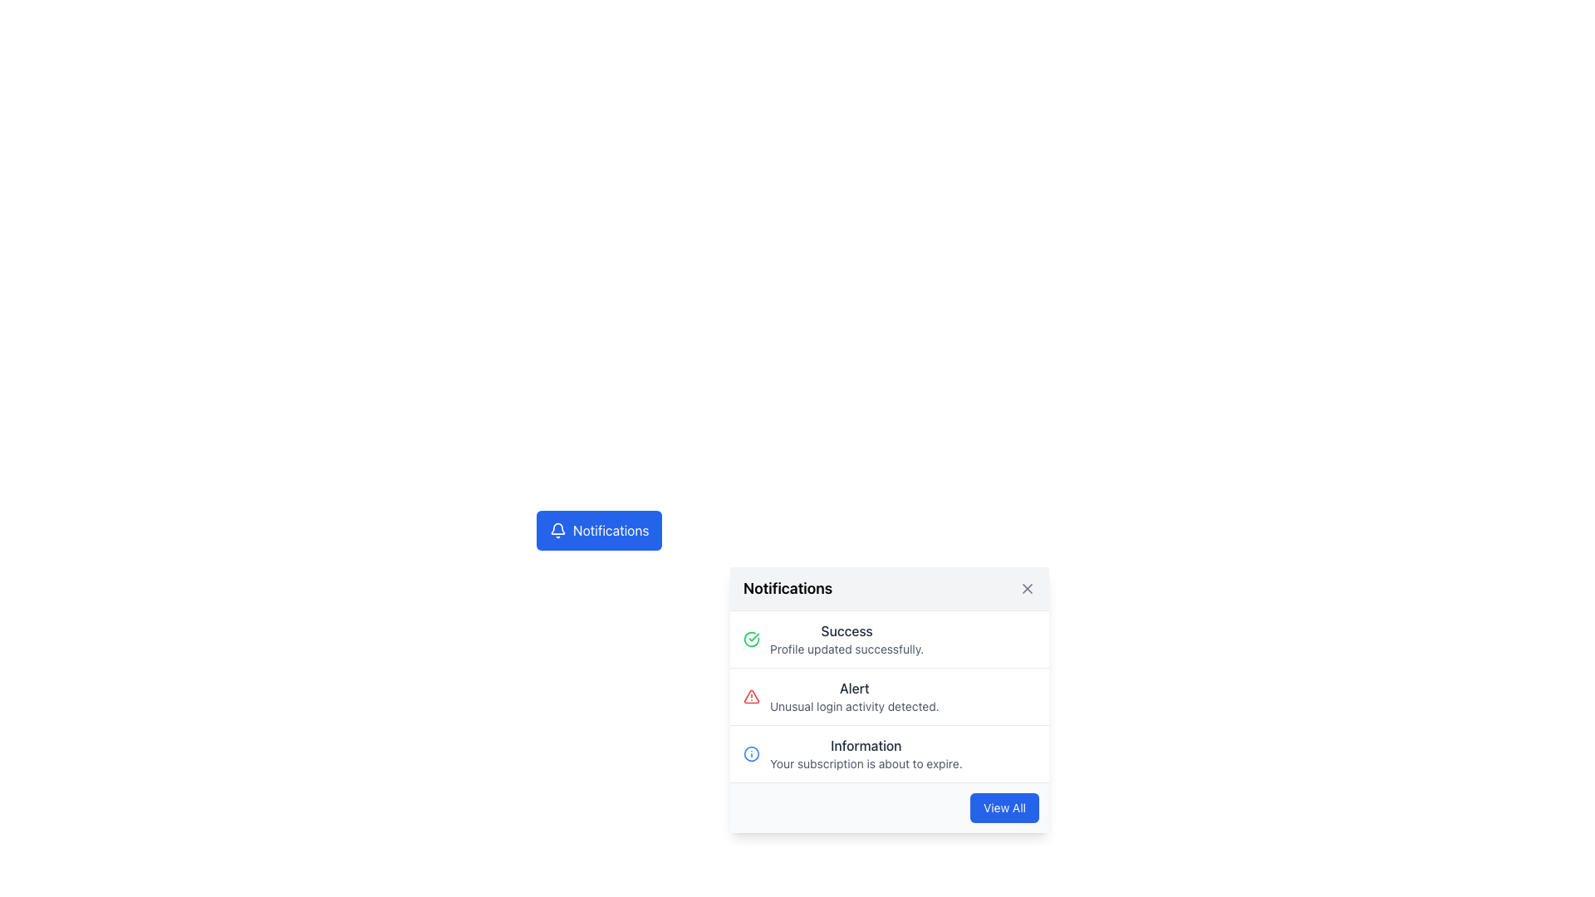 The width and height of the screenshot is (1595, 897). Describe the element at coordinates (751, 639) in the screenshot. I see `the circular checkmark icon that represents a success confirmation message in the notification, located at the top-left of the Success notification item preceding the text 'Success'` at that location.